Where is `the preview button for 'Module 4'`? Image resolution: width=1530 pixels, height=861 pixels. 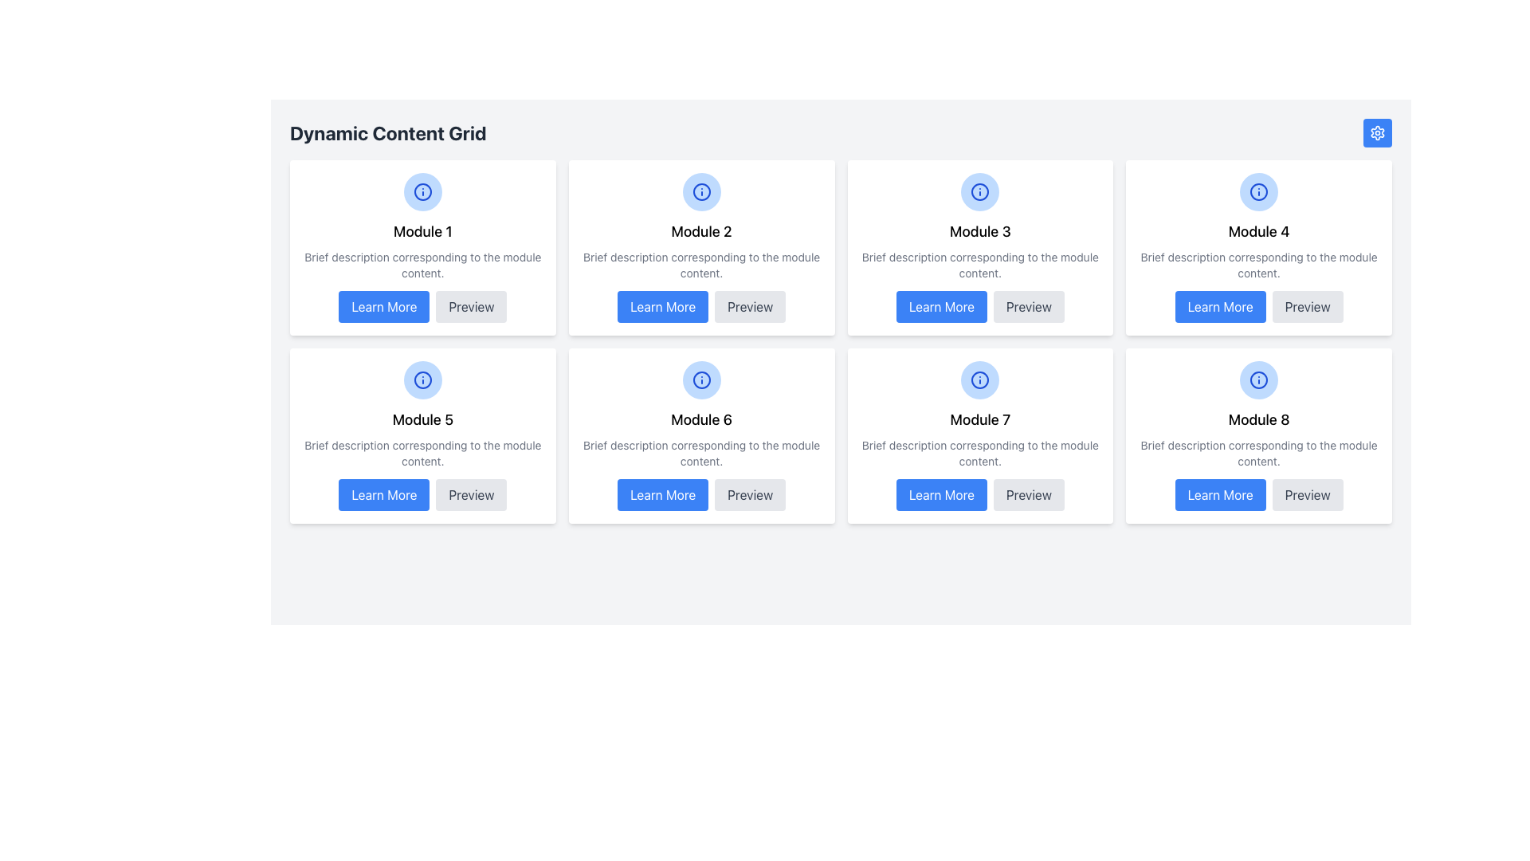 the preview button for 'Module 4' is located at coordinates (1308, 307).